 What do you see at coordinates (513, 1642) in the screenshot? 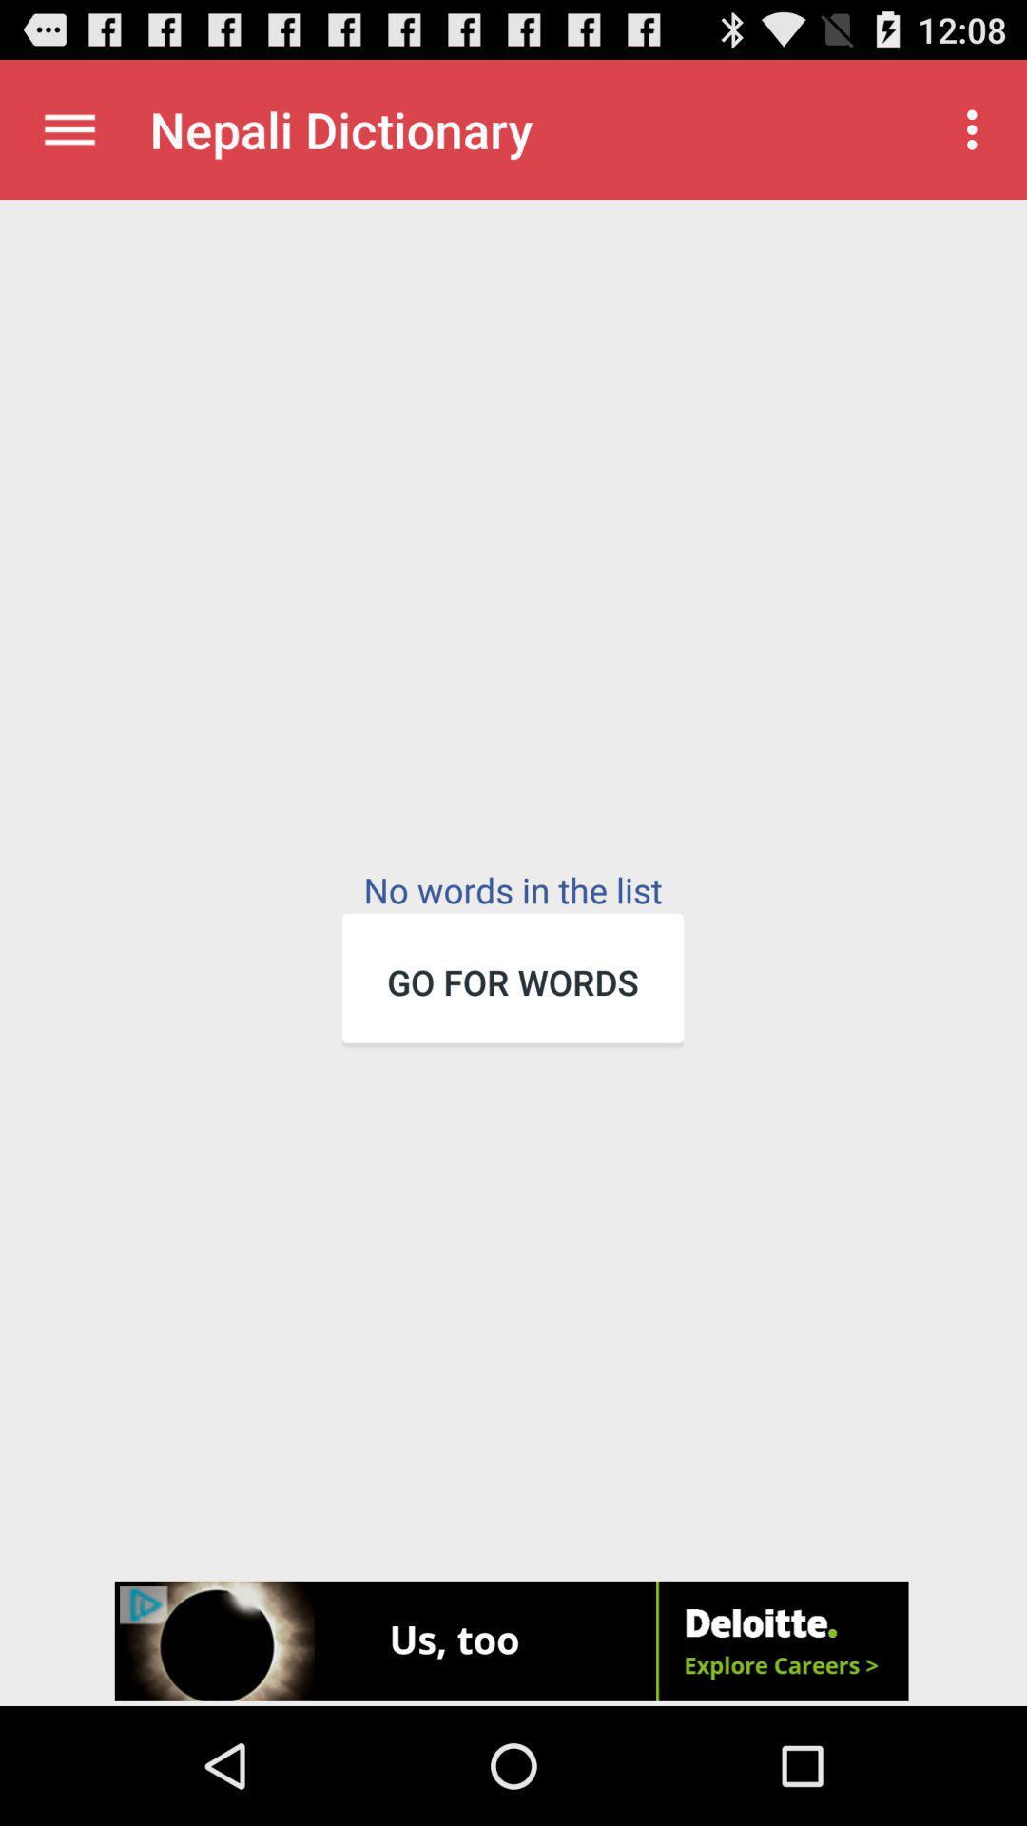
I see `advertising bar` at bounding box center [513, 1642].